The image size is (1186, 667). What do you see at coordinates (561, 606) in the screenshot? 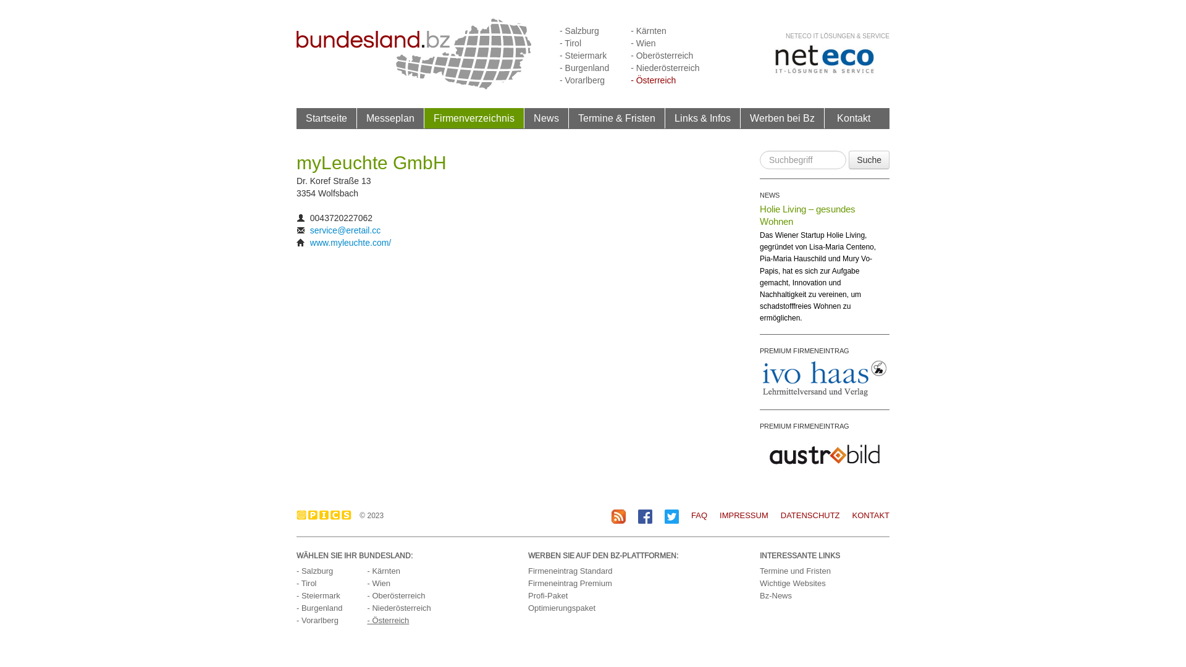
I see `'Optimierungspaket'` at bounding box center [561, 606].